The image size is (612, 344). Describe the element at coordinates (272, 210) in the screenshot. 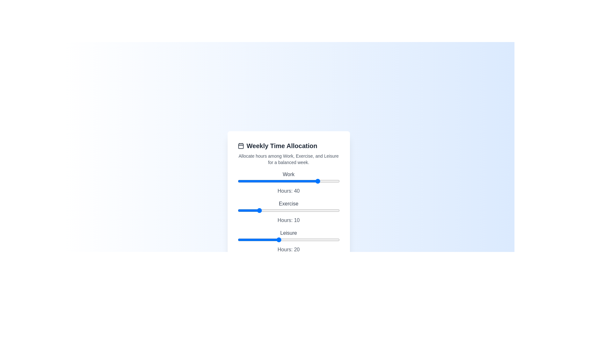

I see `the 'Exercise' slider to 17 hours` at that location.